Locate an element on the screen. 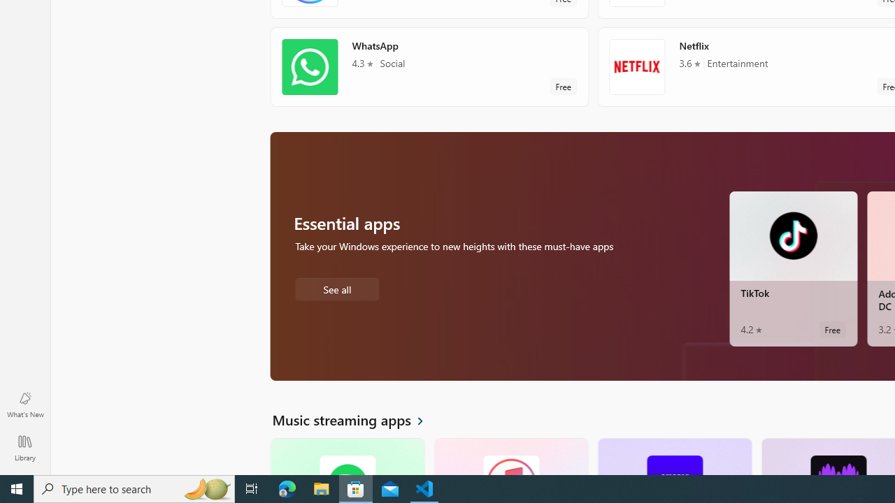  'What' is located at coordinates (24, 404).